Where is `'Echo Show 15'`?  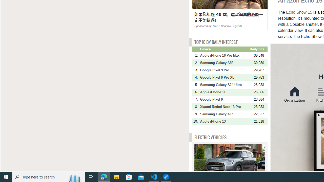 'Echo Show 15' is located at coordinates (299, 12).